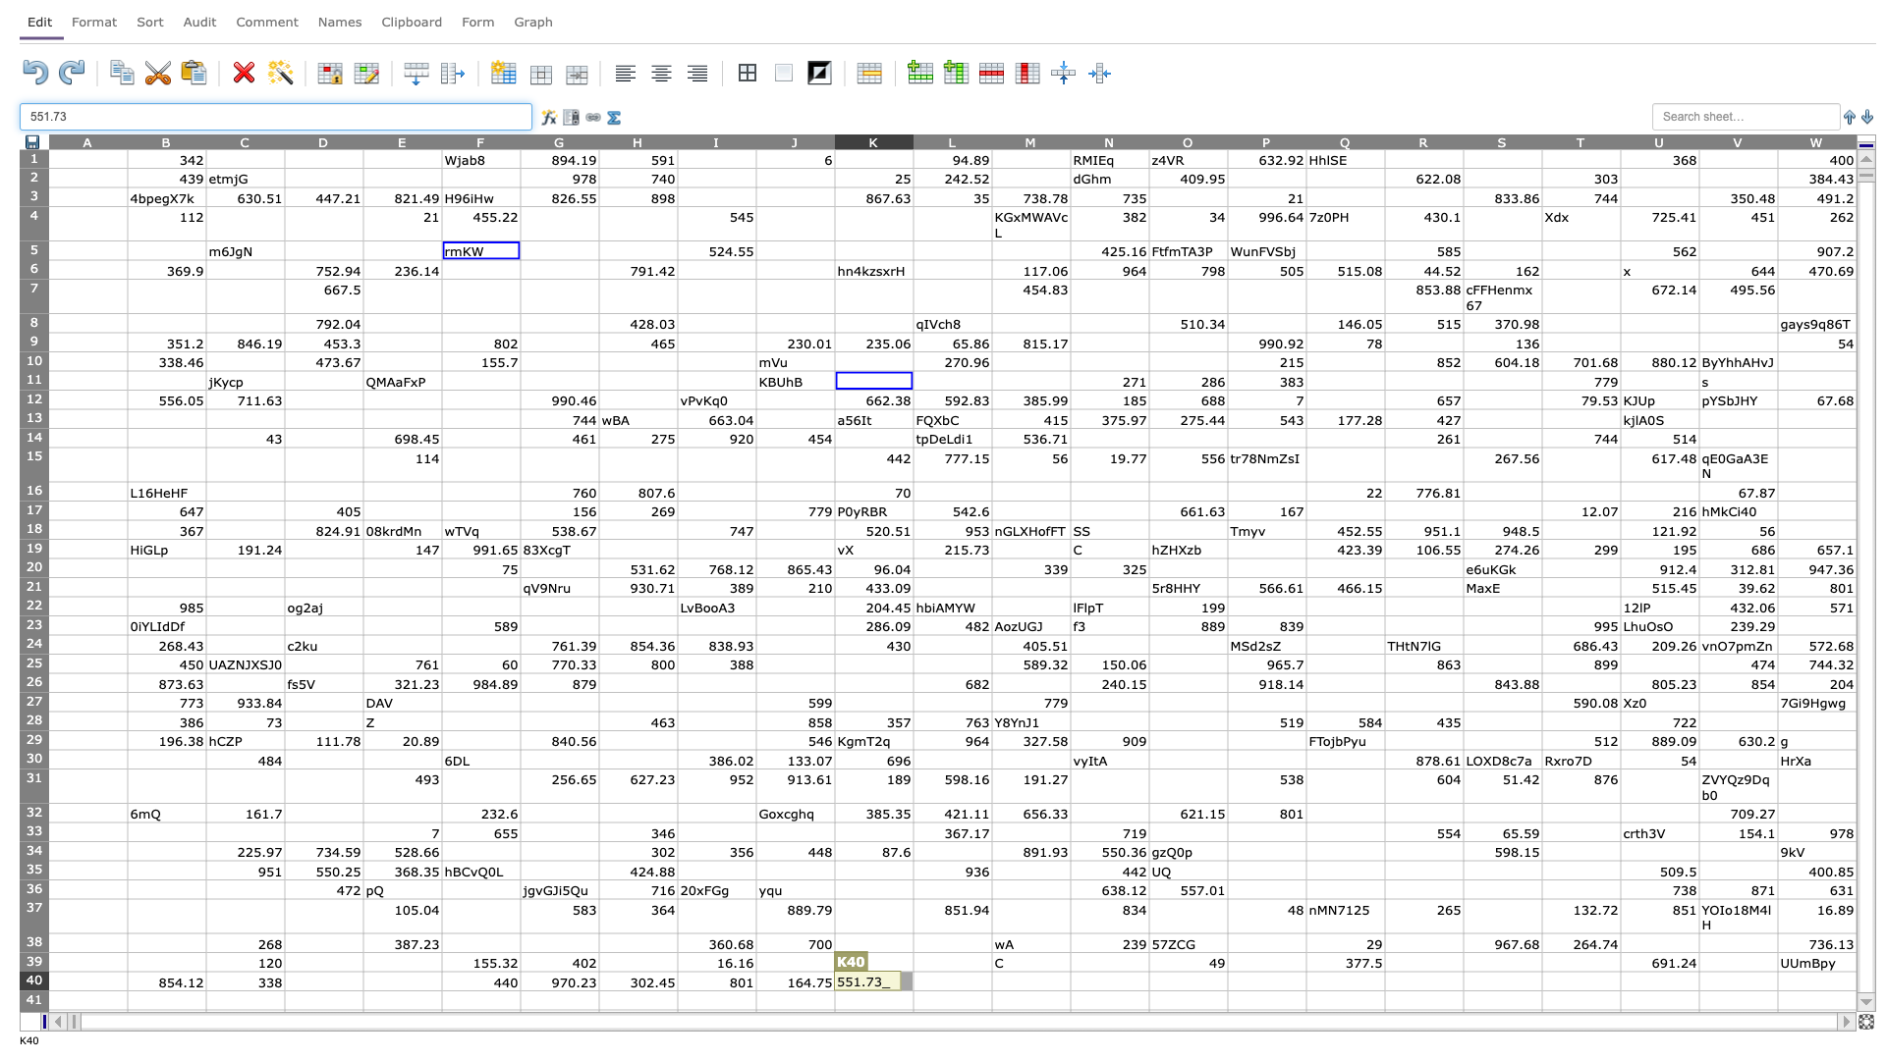  I want to click on Place cursor on left border of O40, so click(1149, 980).